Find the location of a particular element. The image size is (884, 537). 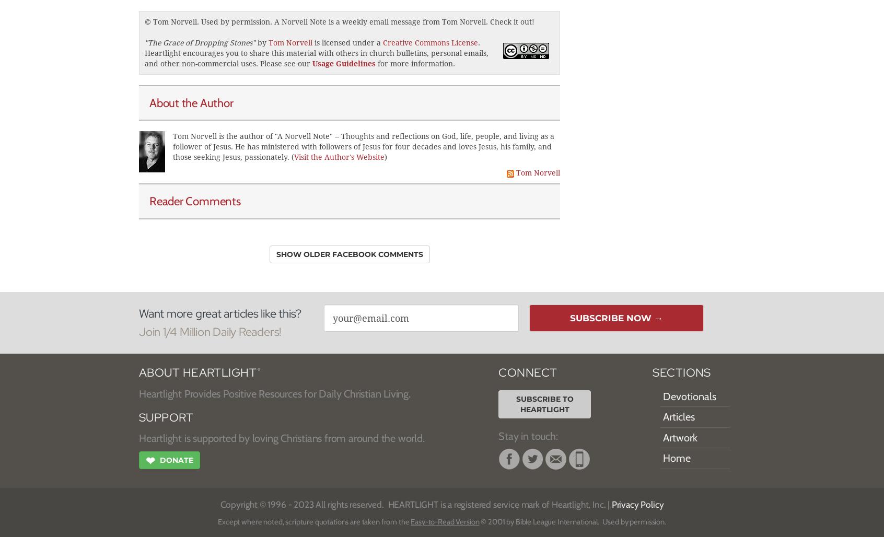

'Except where noted, scripture quotations are taken from the' is located at coordinates (313, 520).